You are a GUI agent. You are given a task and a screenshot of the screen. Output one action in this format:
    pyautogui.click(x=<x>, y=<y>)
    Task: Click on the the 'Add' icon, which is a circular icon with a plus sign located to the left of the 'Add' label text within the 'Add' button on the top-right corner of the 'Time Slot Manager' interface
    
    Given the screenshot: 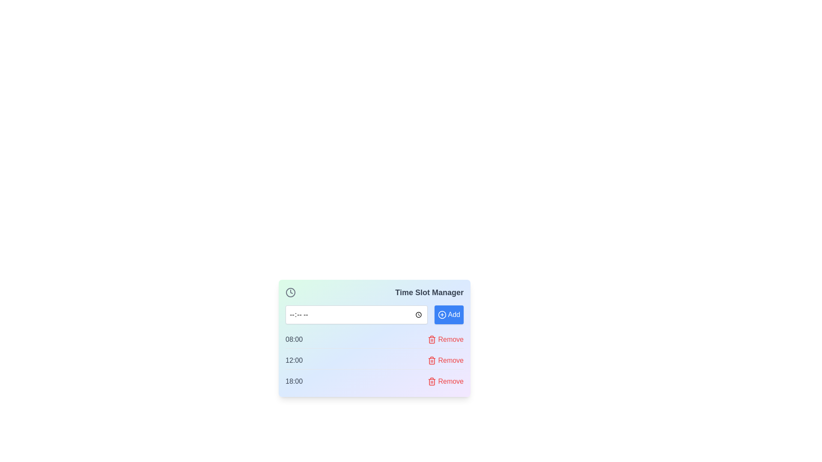 What is the action you would take?
    pyautogui.click(x=442, y=315)
    